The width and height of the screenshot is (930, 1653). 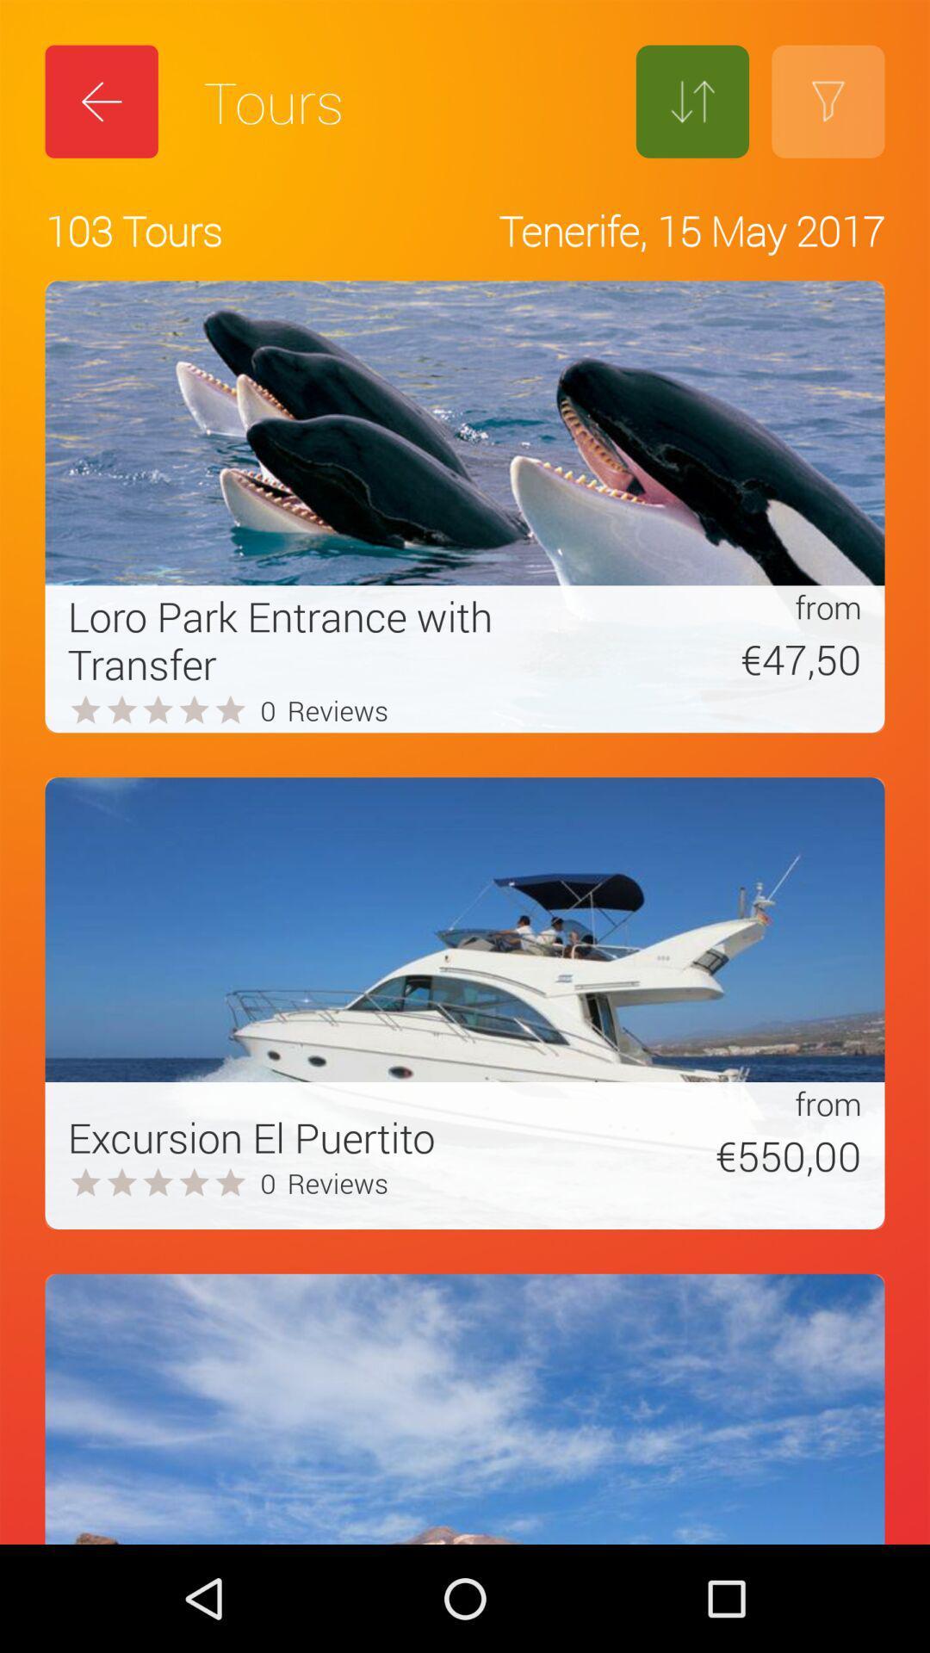 I want to click on the swap icon, so click(x=691, y=101).